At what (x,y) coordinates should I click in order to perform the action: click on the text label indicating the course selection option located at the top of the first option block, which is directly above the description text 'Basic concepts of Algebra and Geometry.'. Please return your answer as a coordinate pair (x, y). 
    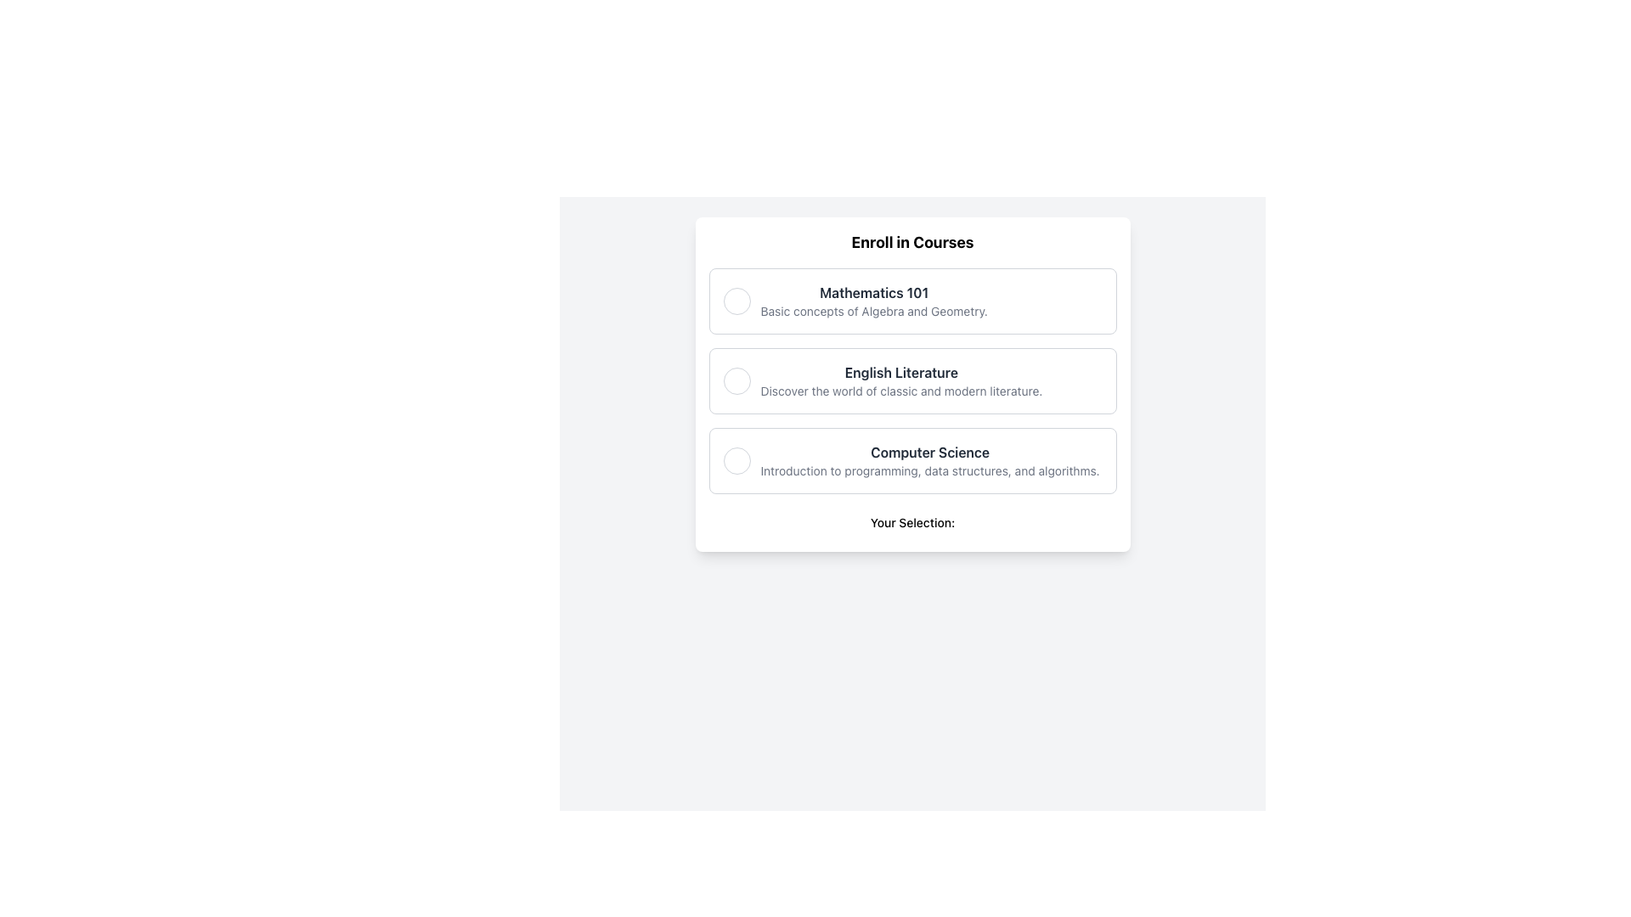
    Looking at the image, I should click on (874, 291).